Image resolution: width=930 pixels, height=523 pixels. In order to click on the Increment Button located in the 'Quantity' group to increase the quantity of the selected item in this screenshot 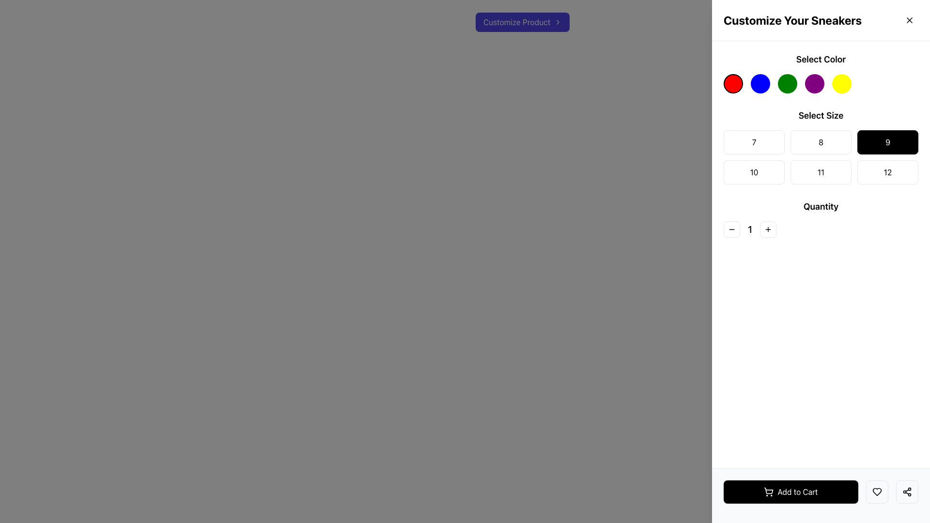, I will do `click(768, 230)`.